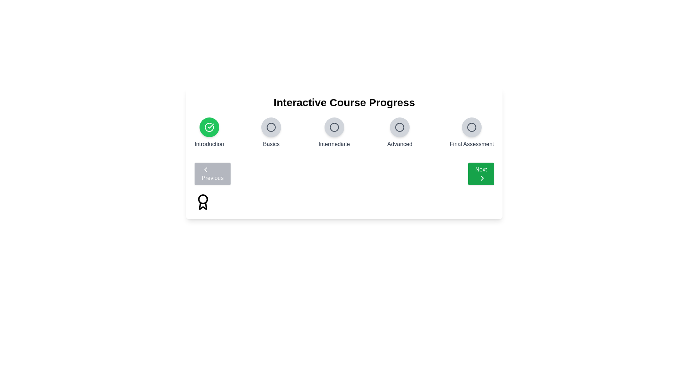  What do you see at coordinates (400, 133) in the screenshot?
I see `the fourth progress indicator labeled 'Advanced' in the 'Interactive Course Progress' section` at bounding box center [400, 133].